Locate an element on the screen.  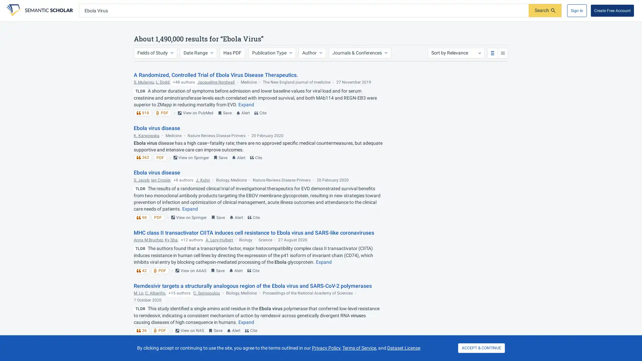
Cite this paper is located at coordinates (250, 330).